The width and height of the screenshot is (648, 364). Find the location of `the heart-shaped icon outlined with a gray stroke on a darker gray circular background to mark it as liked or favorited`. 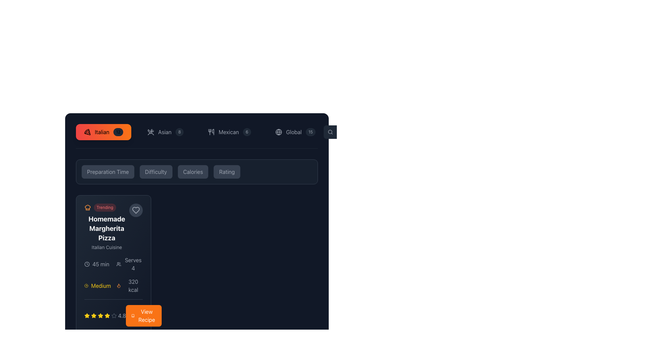

the heart-shaped icon outlined with a gray stroke on a darker gray circular background to mark it as liked or favorited is located at coordinates (136, 210).